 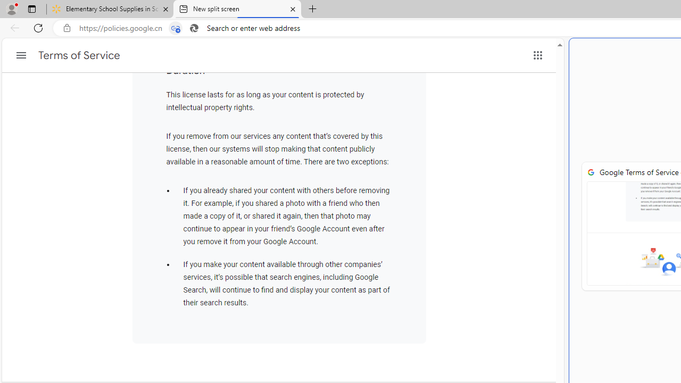 What do you see at coordinates (176, 28) in the screenshot?
I see `'Tabs in split screen'` at bounding box center [176, 28].